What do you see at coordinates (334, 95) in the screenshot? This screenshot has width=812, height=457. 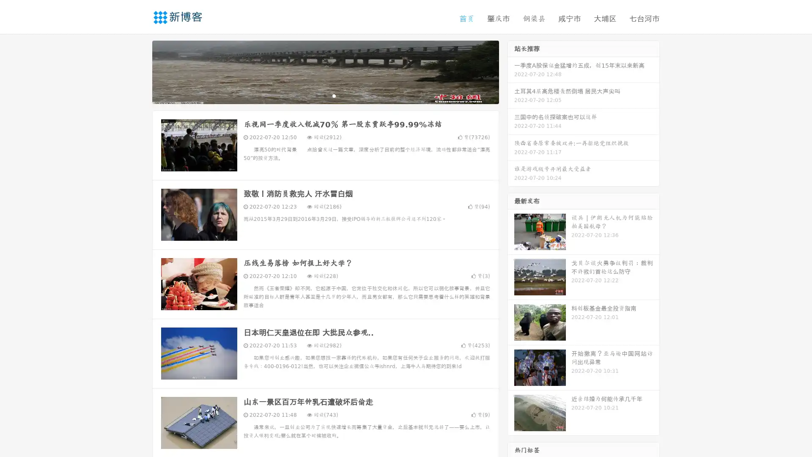 I see `Go to slide 3` at bounding box center [334, 95].